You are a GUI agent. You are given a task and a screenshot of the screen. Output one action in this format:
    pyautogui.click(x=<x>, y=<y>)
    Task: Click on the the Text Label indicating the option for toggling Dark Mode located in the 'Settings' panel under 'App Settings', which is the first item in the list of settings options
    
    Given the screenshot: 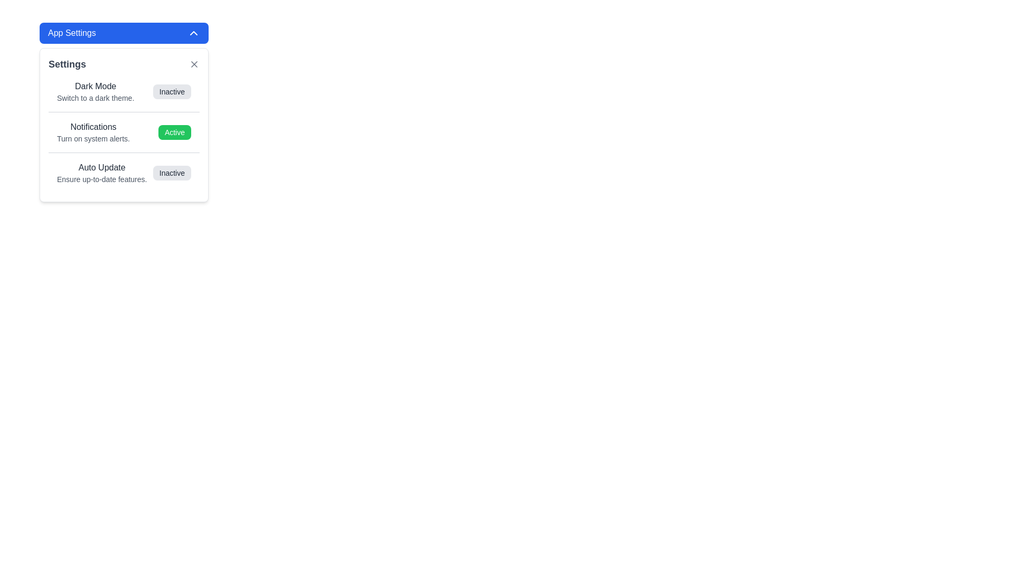 What is the action you would take?
    pyautogui.click(x=96, y=86)
    